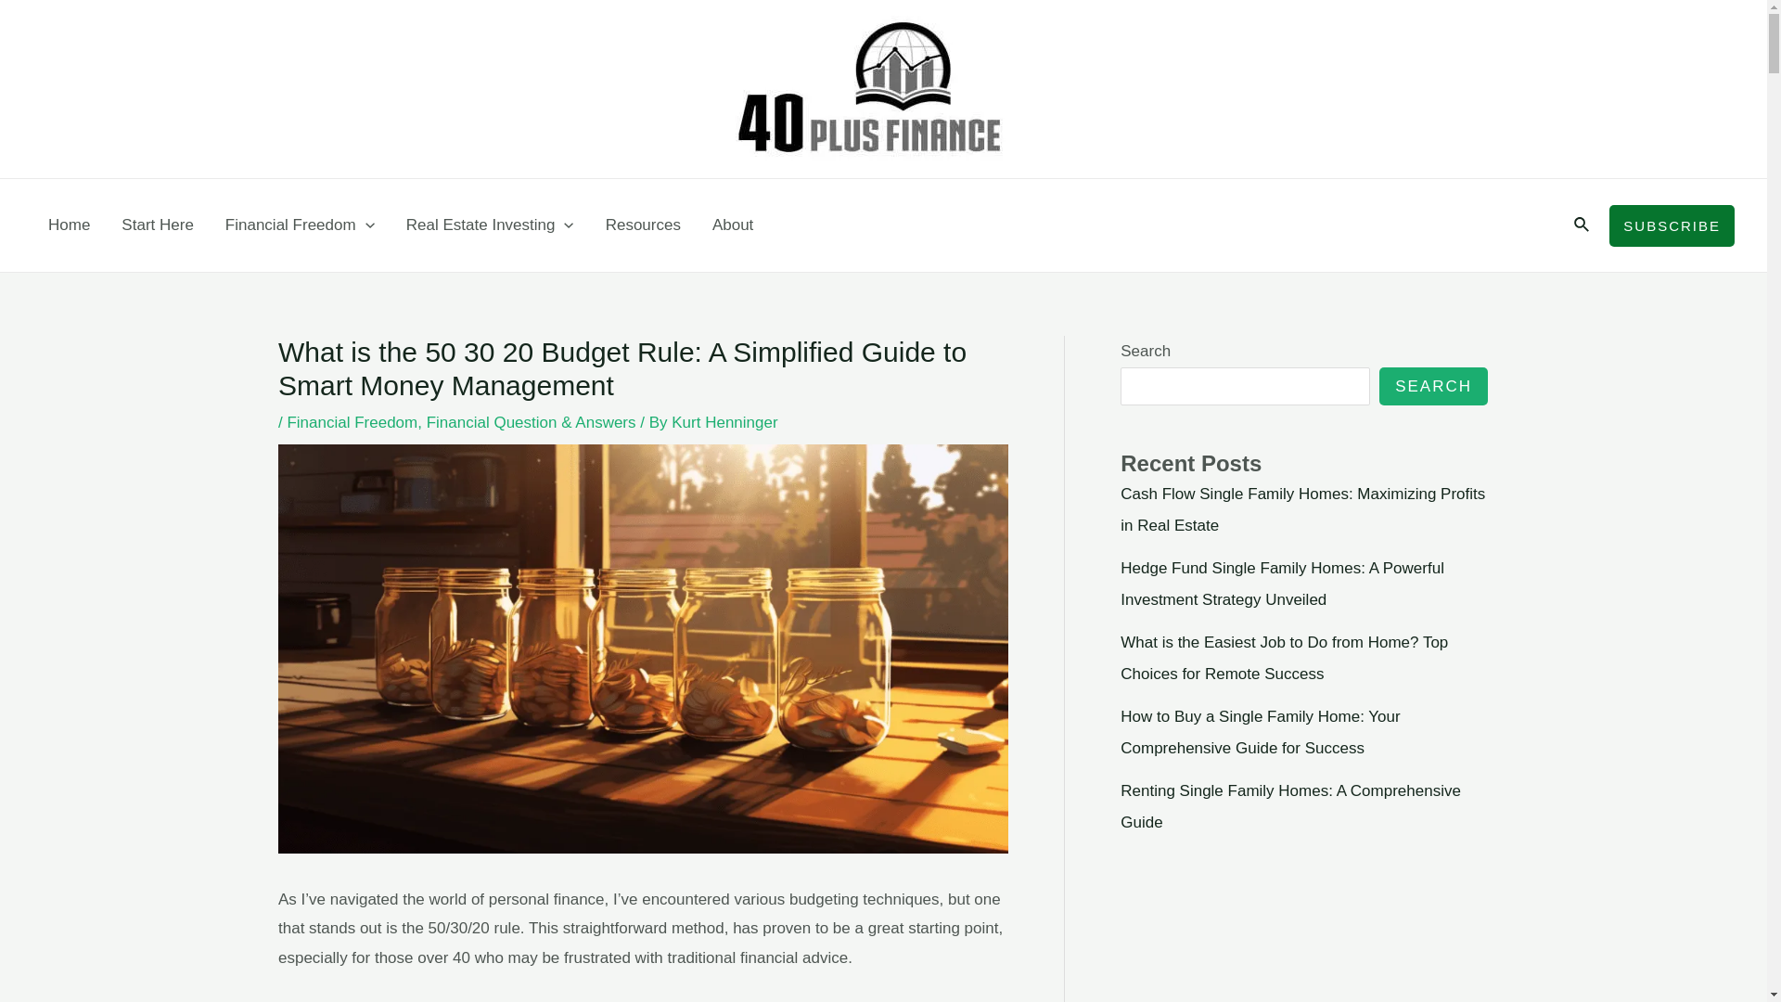 The height and width of the screenshot is (1002, 1781). What do you see at coordinates (490, 225) in the screenshot?
I see `'Real Estate Investing'` at bounding box center [490, 225].